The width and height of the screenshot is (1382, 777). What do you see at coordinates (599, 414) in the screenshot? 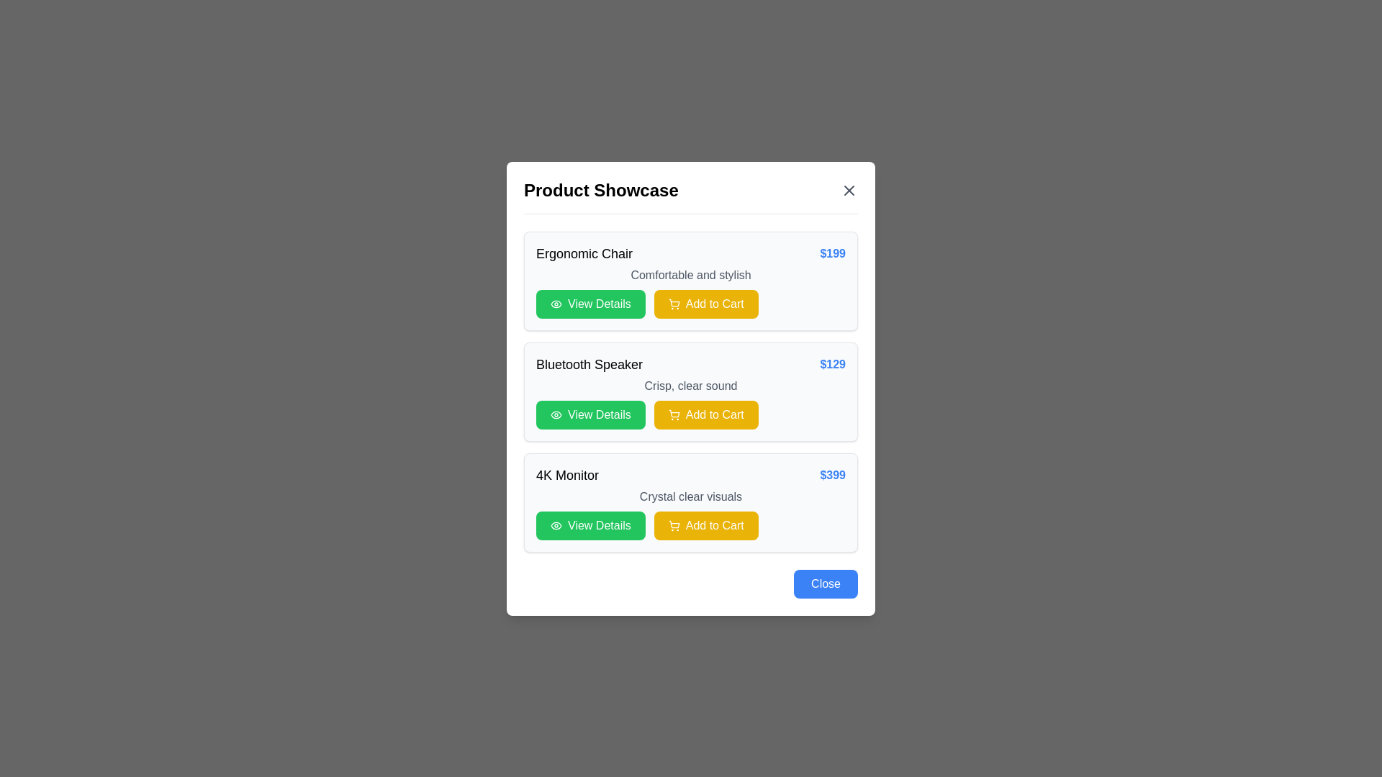
I see `the 'View Details' button with white text on a green background, located within the 'Bluetooth Speaker' product card` at bounding box center [599, 414].